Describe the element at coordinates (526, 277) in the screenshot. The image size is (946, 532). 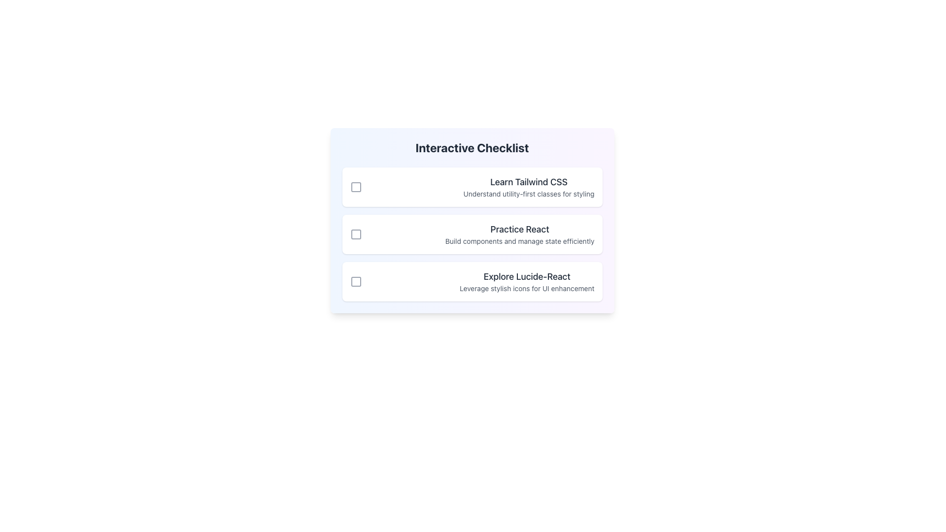
I see `the heading text of the third item in the vertical checklist layout, which describes the action 'Leverage stylish icons for UI enhancement'` at that location.